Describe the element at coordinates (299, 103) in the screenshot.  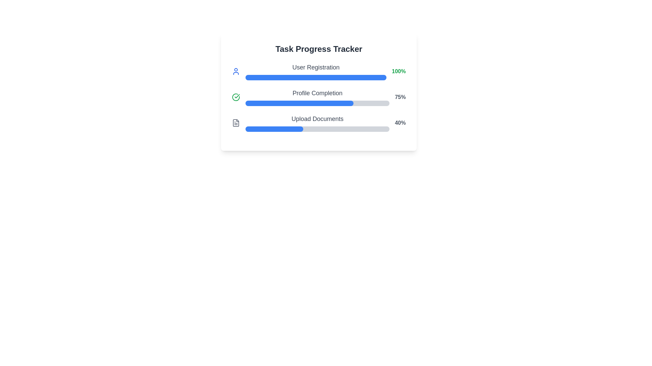
I see `the Progress Bar indicating 75% completion of the 'Profile Completion' task in the task tracker interface` at that location.